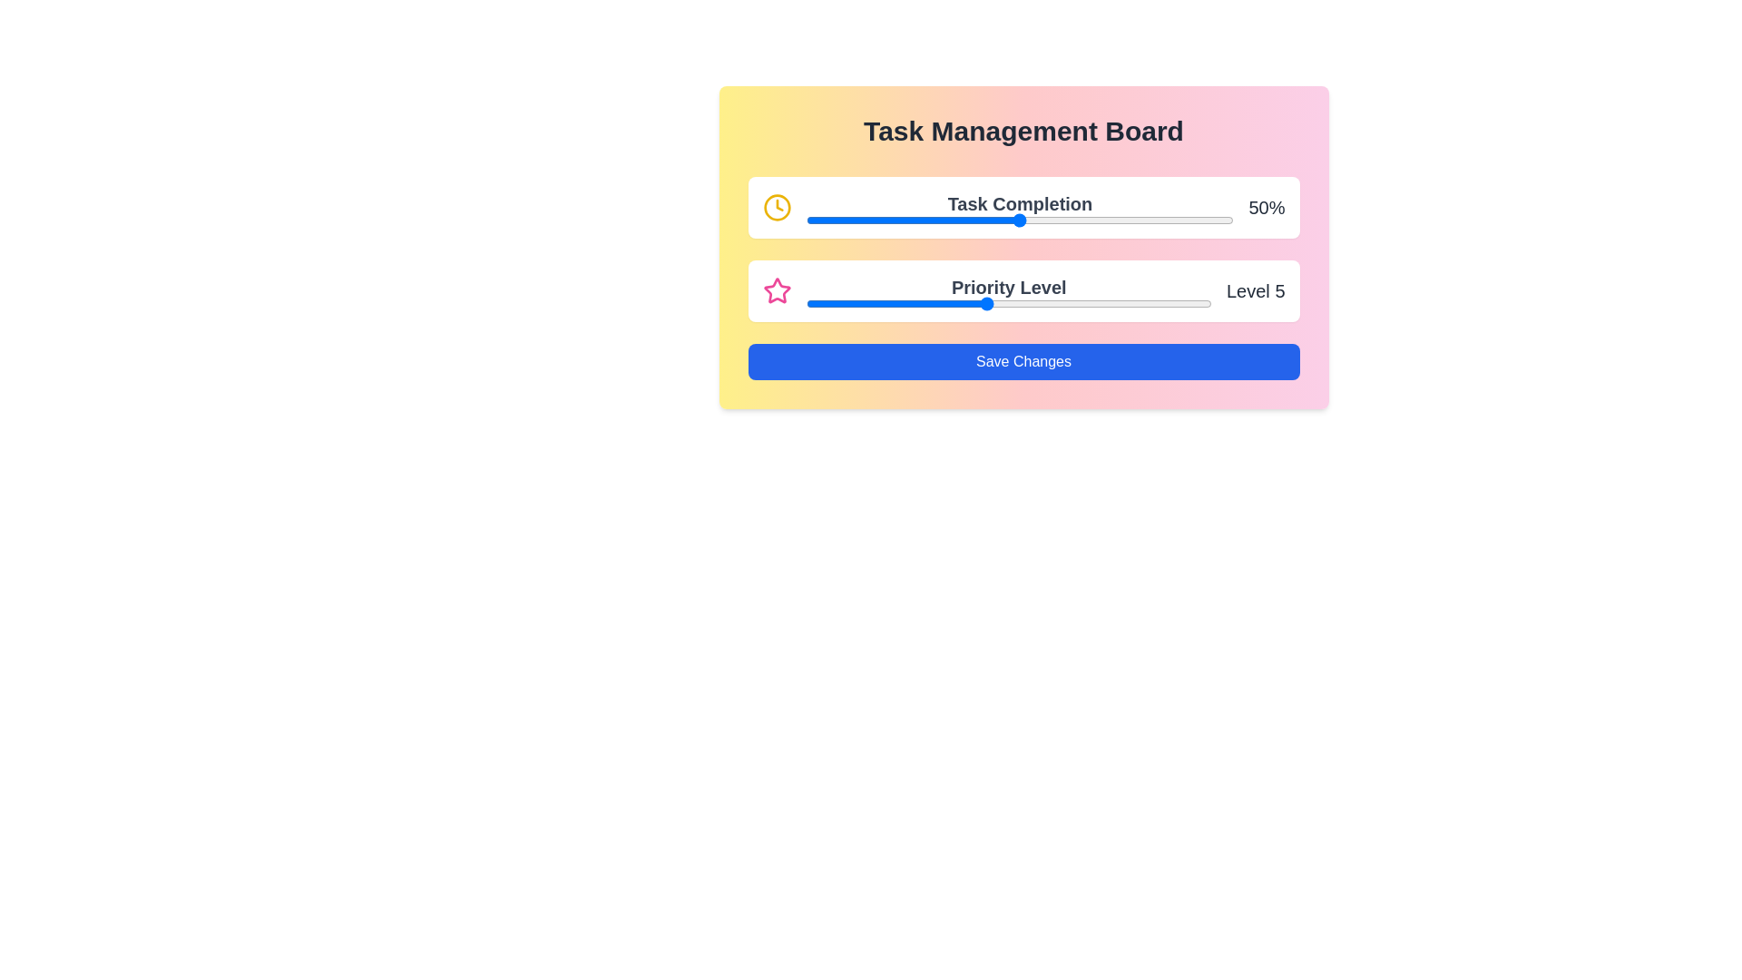 The height and width of the screenshot is (980, 1742). Describe the element at coordinates (976, 220) in the screenshot. I see `the task completion slider` at that location.